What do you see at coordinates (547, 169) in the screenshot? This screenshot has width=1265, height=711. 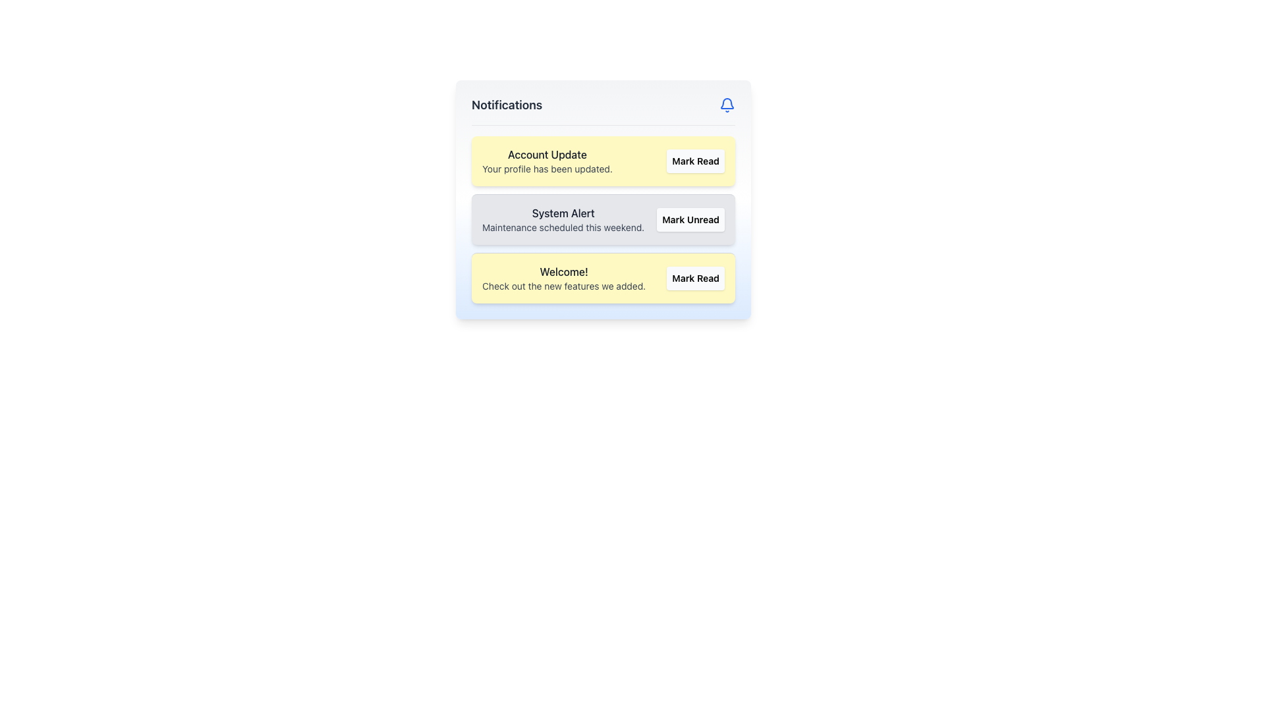 I see `the text label displaying 'Your profile has been updated.' located under the 'Account Update' header in the notification card interface` at bounding box center [547, 169].